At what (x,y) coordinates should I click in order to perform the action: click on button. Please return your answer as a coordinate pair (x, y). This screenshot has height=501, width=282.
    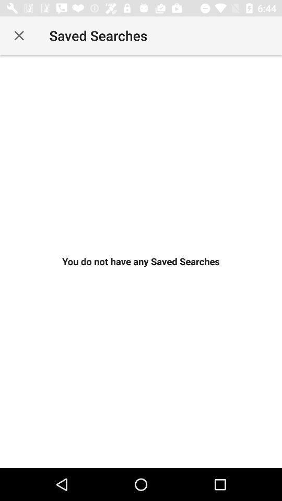
    Looking at the image, I should click on (19, 35).